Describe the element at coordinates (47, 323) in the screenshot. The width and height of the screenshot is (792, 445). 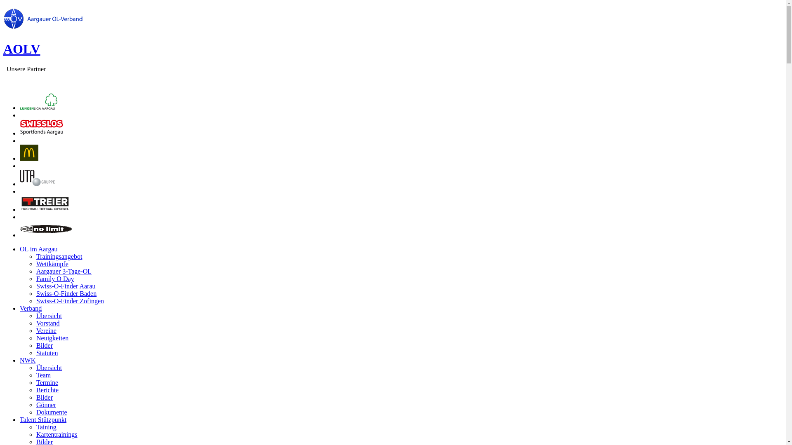
I see `'Vorstand'` at that location.